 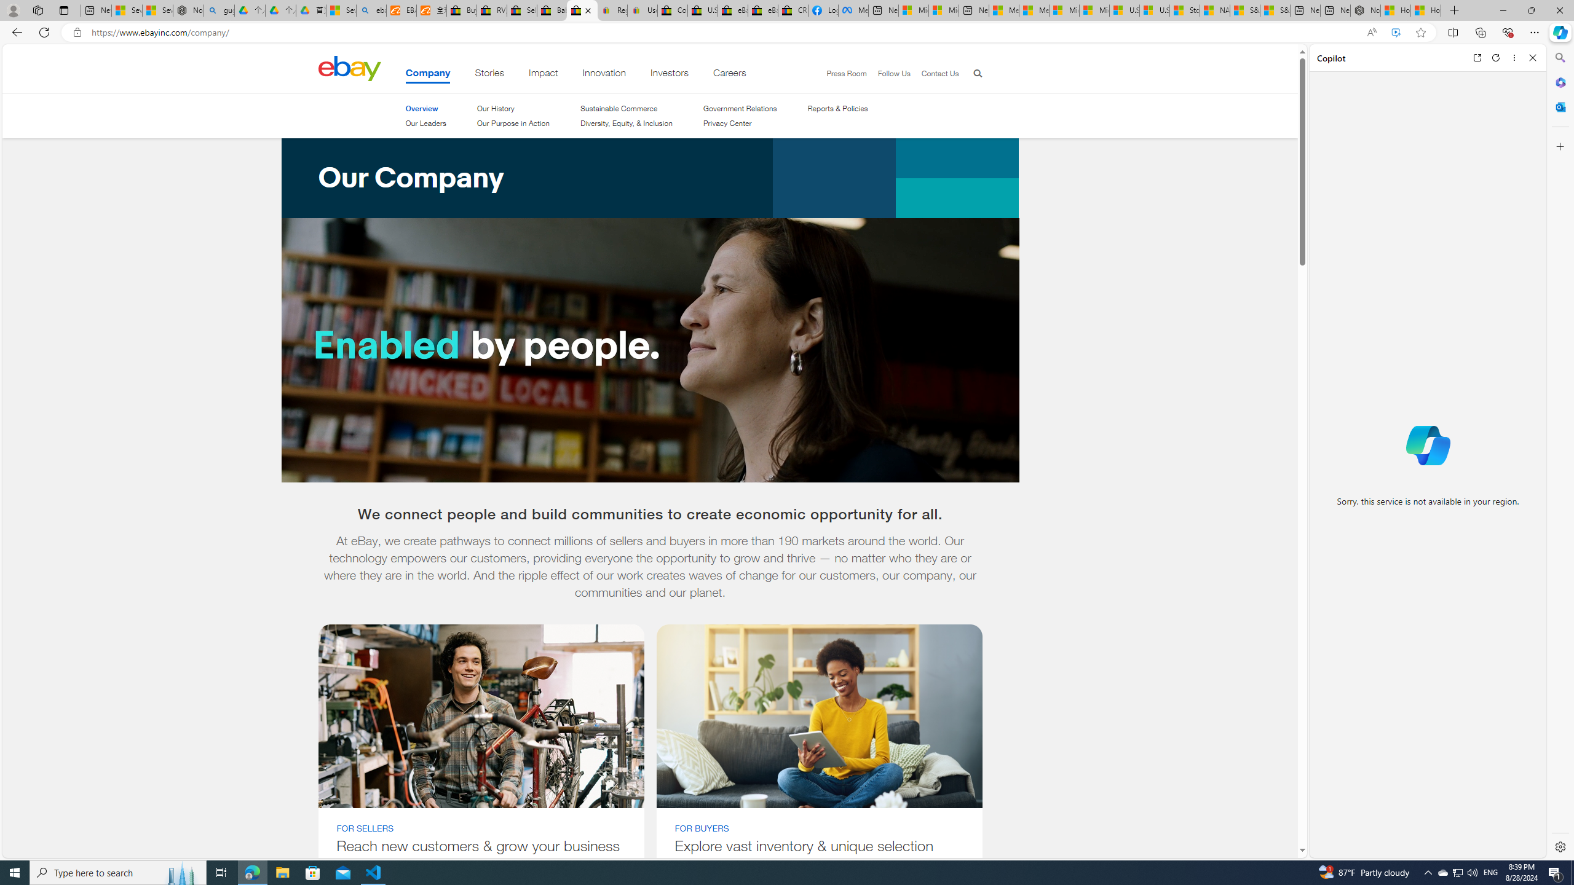 What do you see at coordinates (218, 10) in the screenshot?
I see `'guge yunpan - Search'` at bounding box center [218, 10].